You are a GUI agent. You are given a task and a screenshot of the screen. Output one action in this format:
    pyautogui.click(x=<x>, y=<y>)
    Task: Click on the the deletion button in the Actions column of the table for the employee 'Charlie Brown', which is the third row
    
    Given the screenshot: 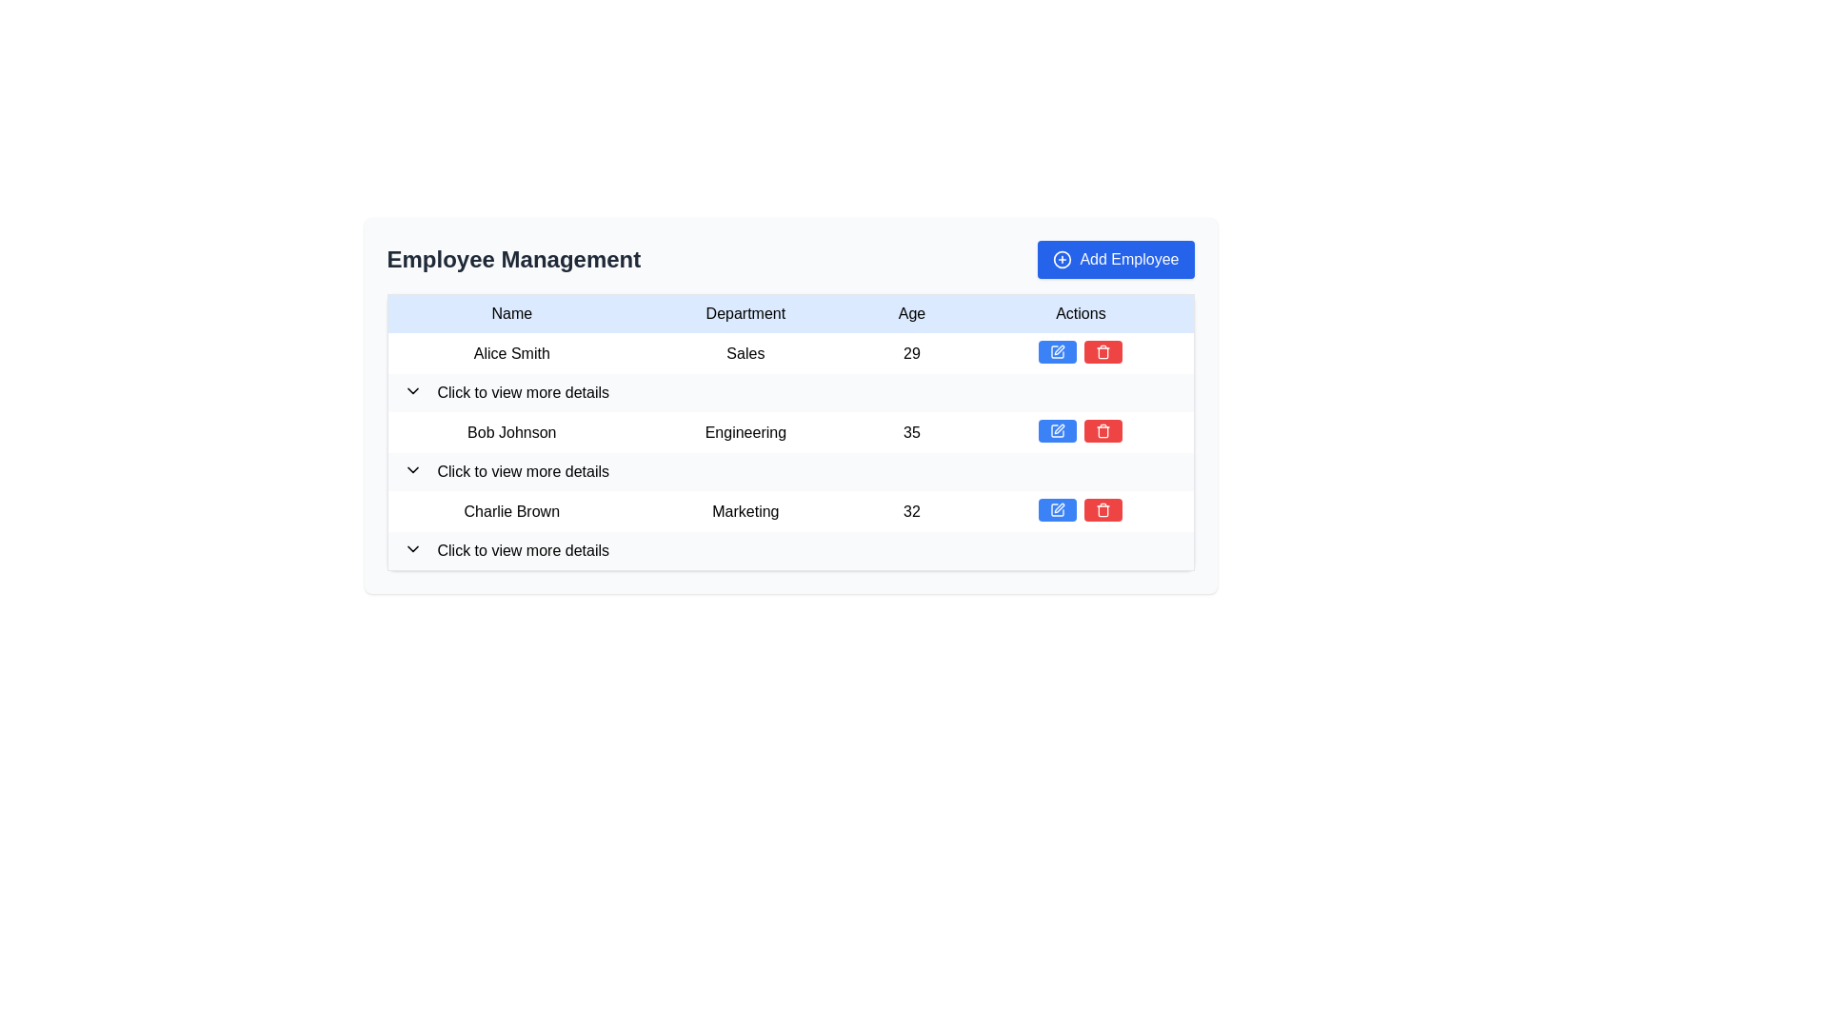 What is the action you would take?
    pyautogui.click(x=1103, y=509)
    